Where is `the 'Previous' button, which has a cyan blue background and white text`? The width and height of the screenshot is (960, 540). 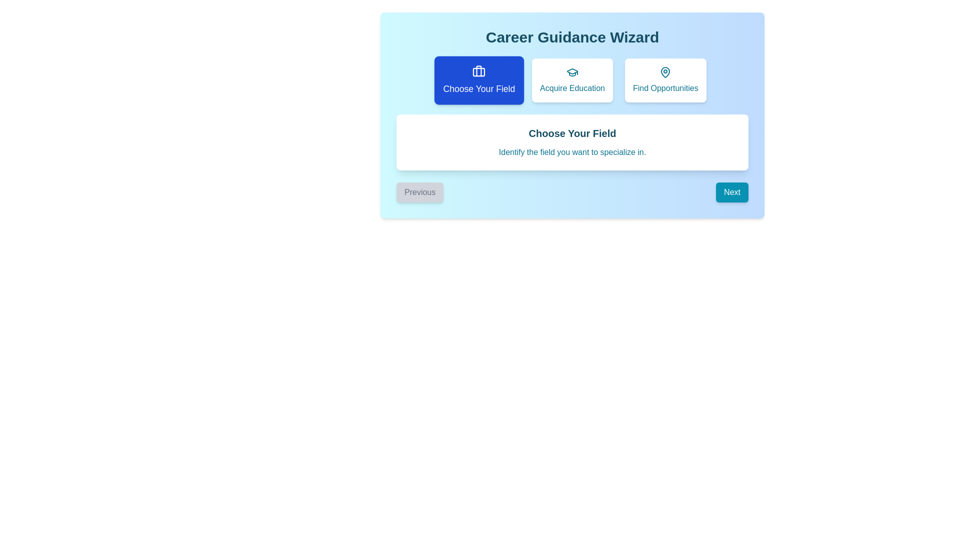
the 'Previous' button, which has a cyan blue background and white text is located at coordinates (420, 192).